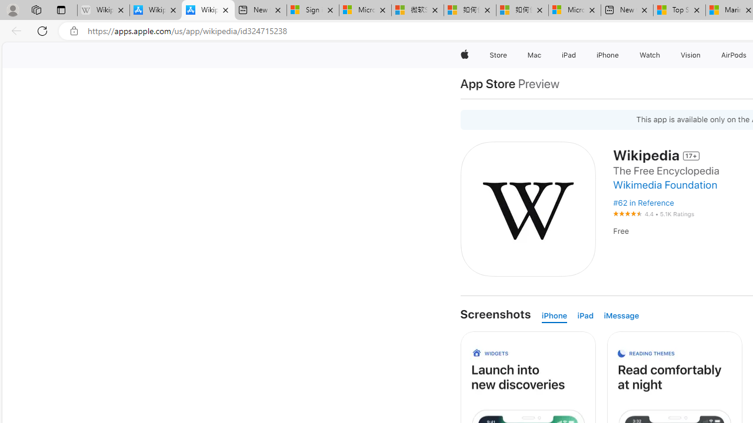 Image resolution: width=753 pixels, height=423 pixels. I want to click on 'Apple', so click(464, 55).